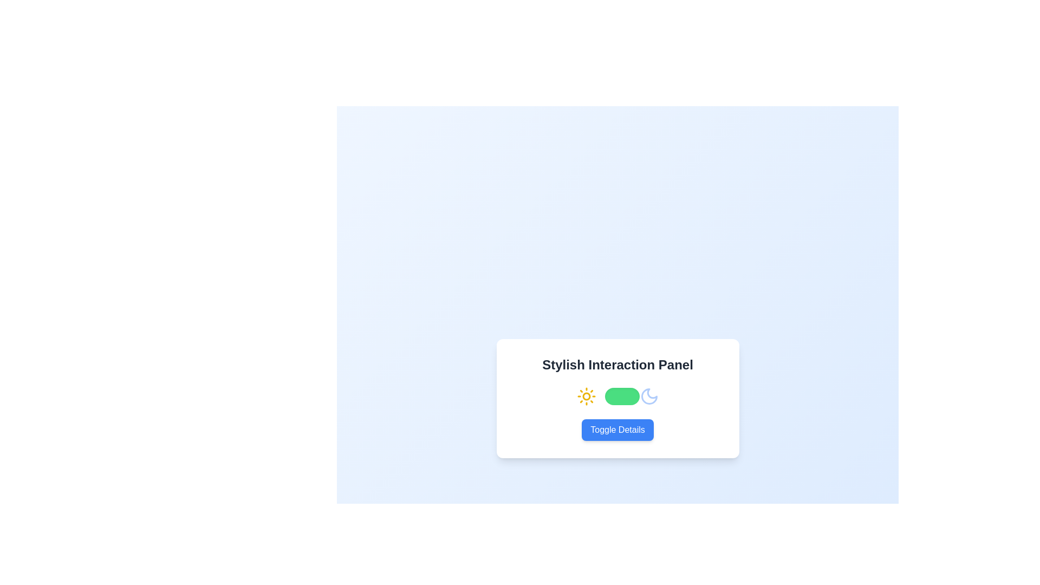  What do you see at coordinates (622, 396) in the screenshot?
I see `the toggle switch with a green background and a white circular knob located between sun and moon icons` at bounding box center [622, 396].